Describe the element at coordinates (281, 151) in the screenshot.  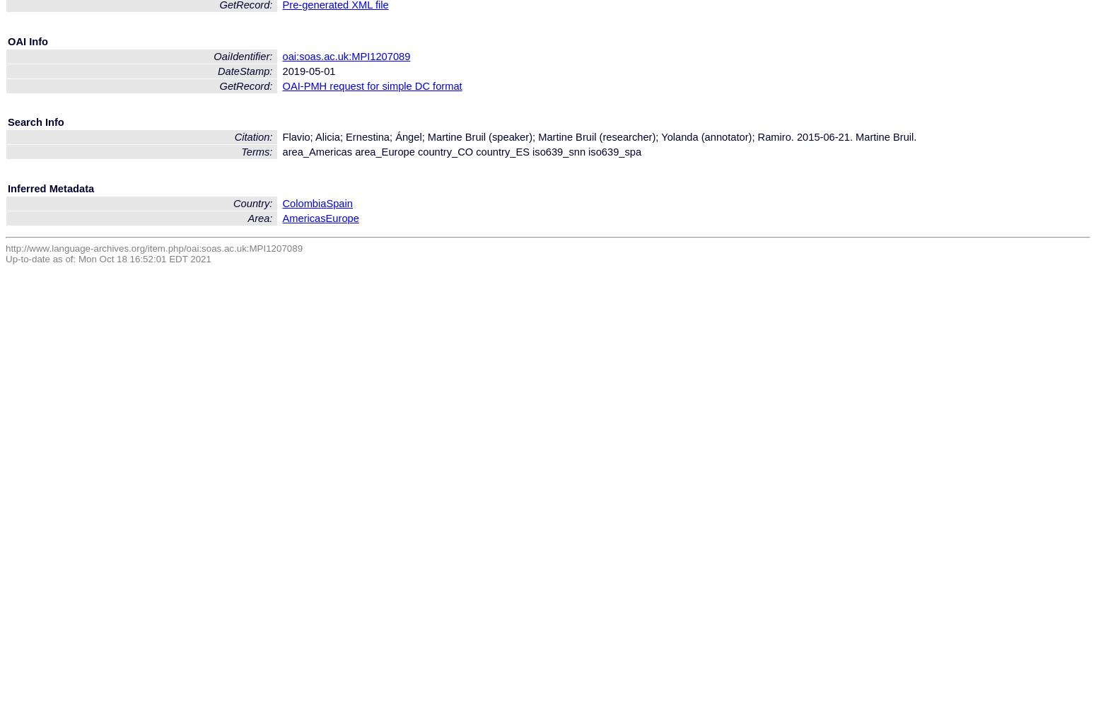
I see `'area_Americas area_Europe country_CO country_ES iso639_snn iso639_spa'` at that location.